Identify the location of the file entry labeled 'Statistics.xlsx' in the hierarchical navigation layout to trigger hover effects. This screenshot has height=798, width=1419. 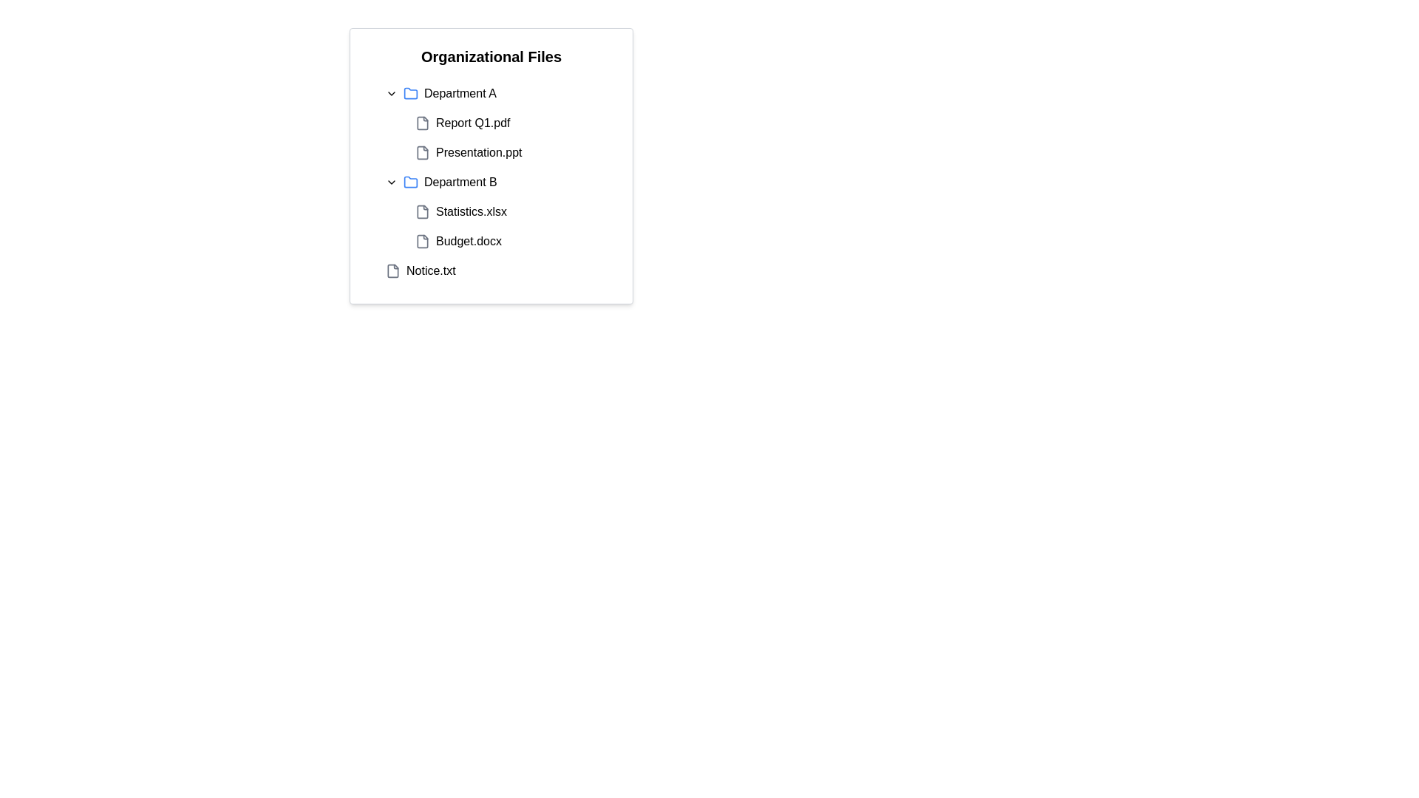
(506, 211).